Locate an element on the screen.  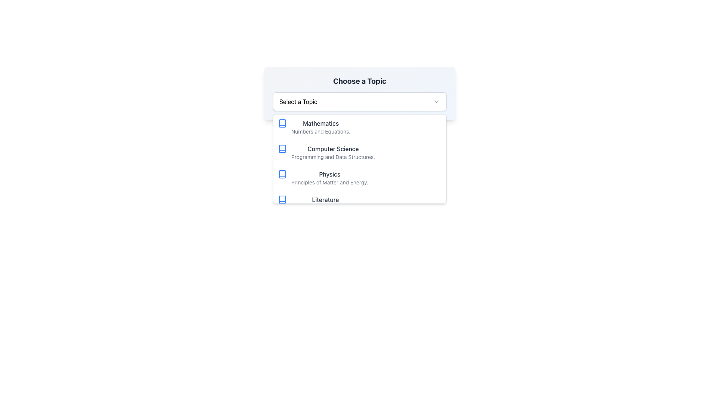
the static text label displaying the phrase 'Classics and Modern Works.' located directly beneath the 'Literature' option in the dropdown menu under 'Choose a Topic' is located at coordinates (325, 208).